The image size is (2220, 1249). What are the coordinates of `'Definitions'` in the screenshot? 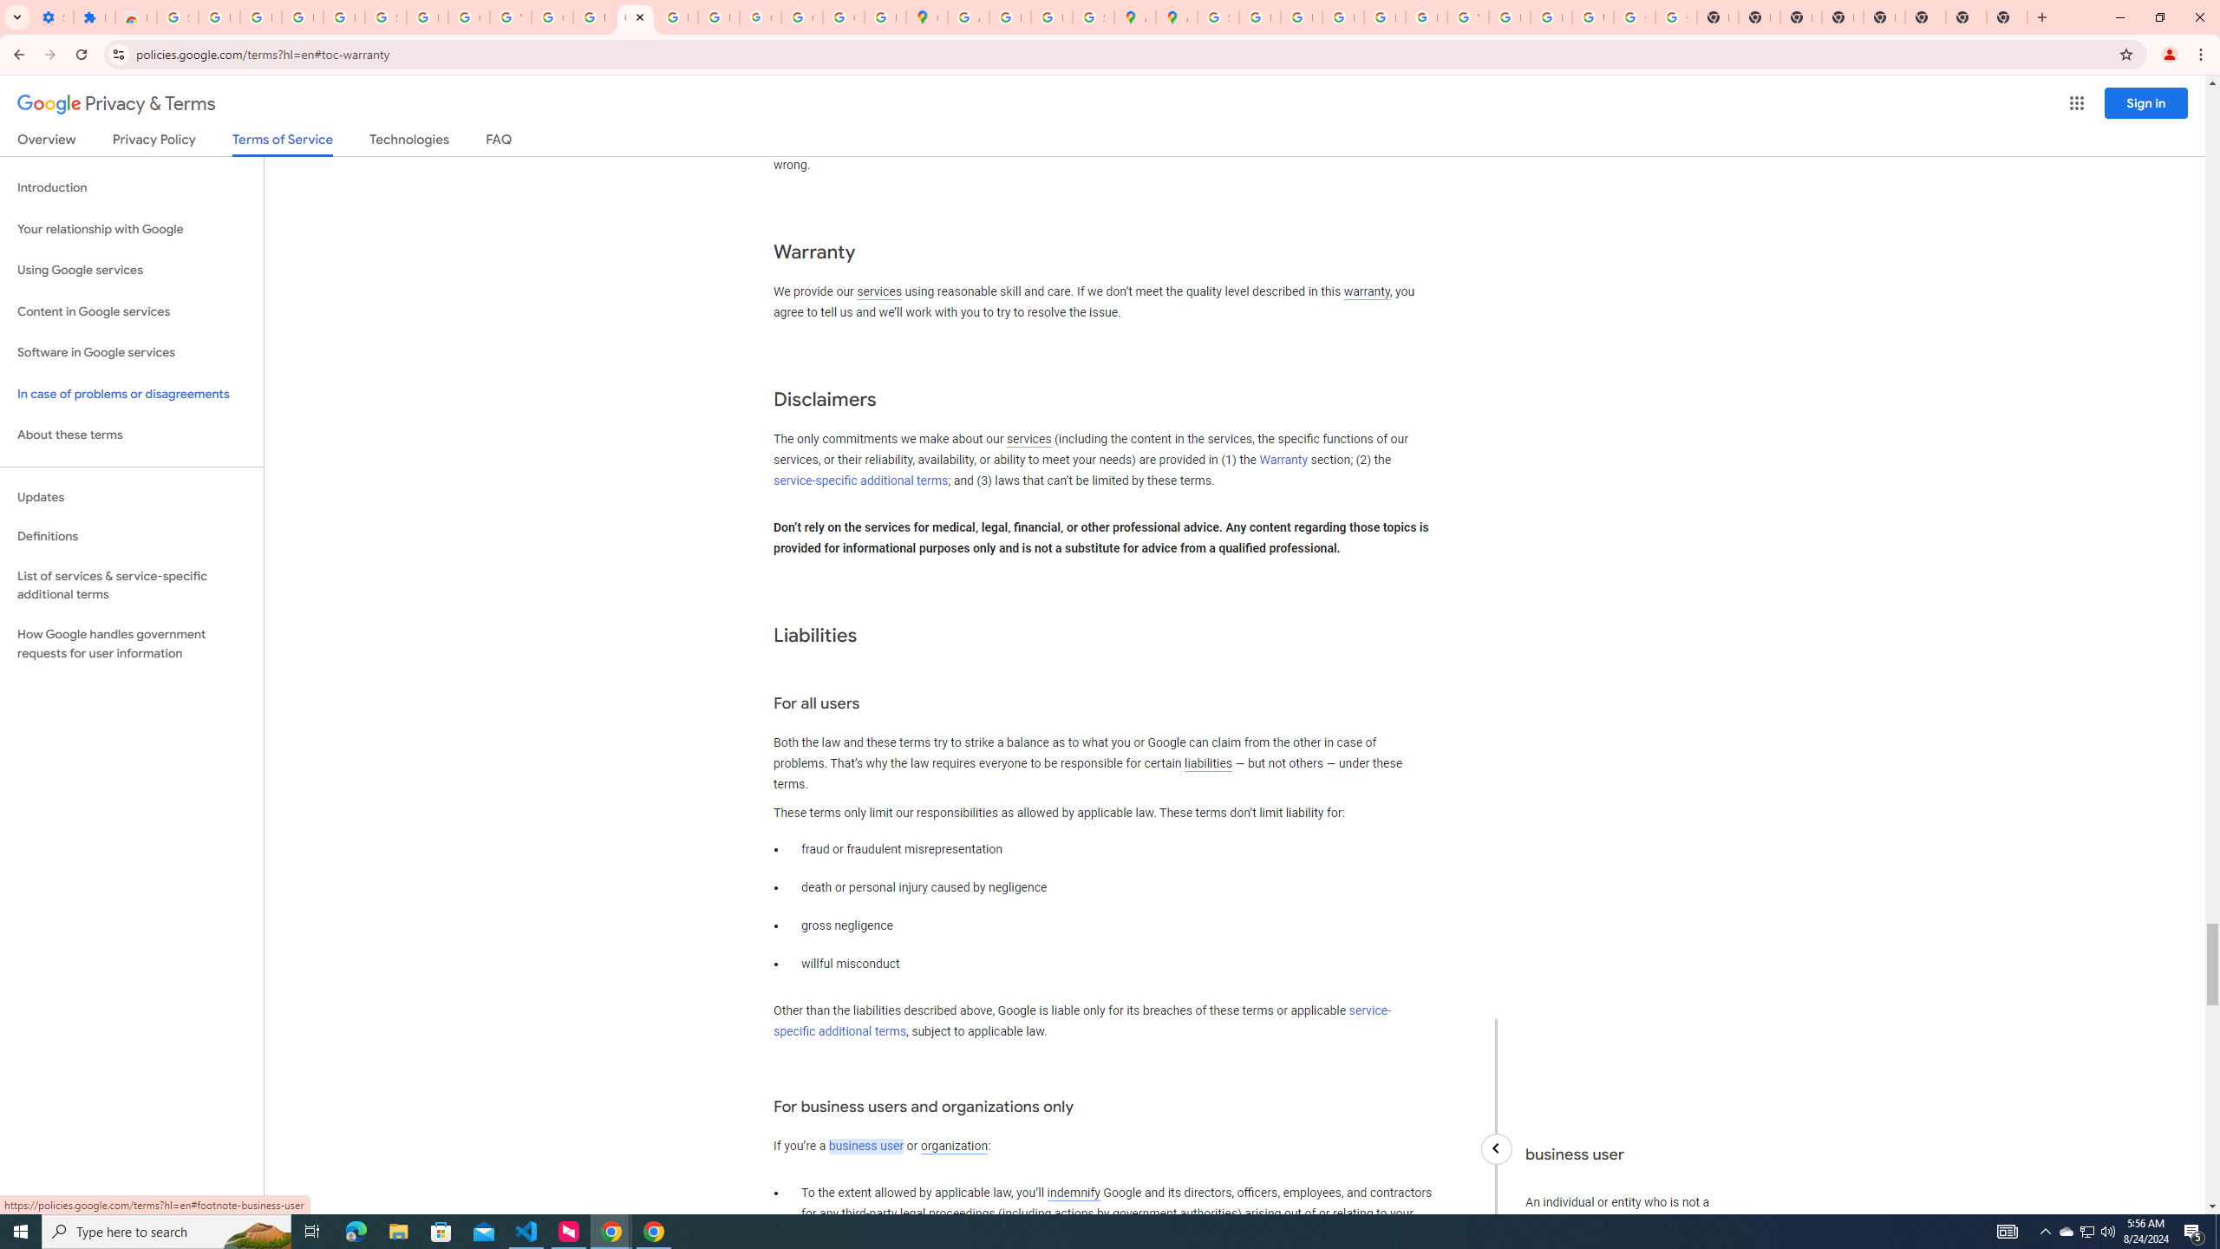 It's located at (131, 536).